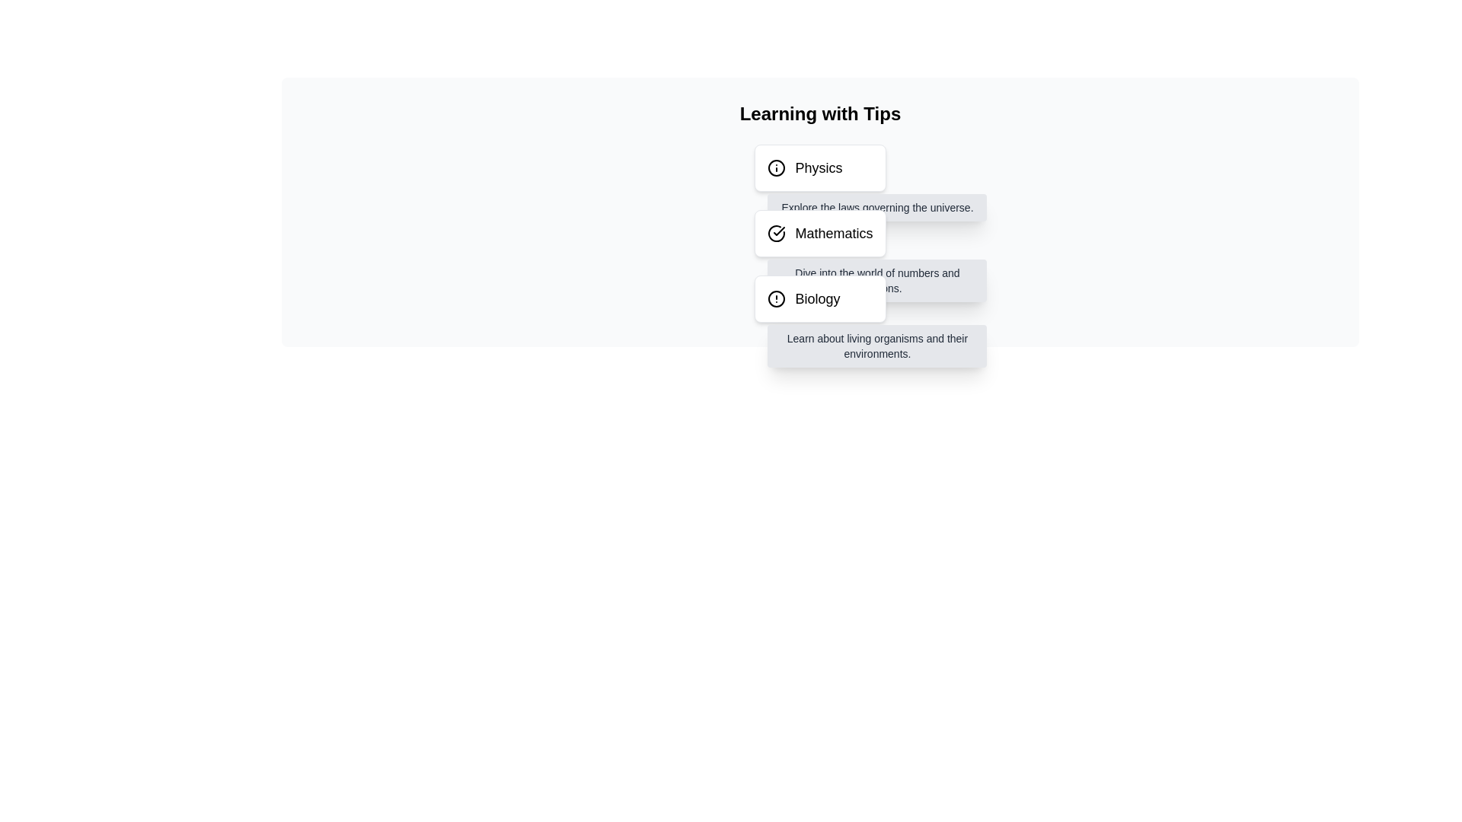  I want to click on tooltip or supplementary text box providing additional details about Mathematics, located below the title 'Mathematics' within a hoverable section, so click(877, 281).